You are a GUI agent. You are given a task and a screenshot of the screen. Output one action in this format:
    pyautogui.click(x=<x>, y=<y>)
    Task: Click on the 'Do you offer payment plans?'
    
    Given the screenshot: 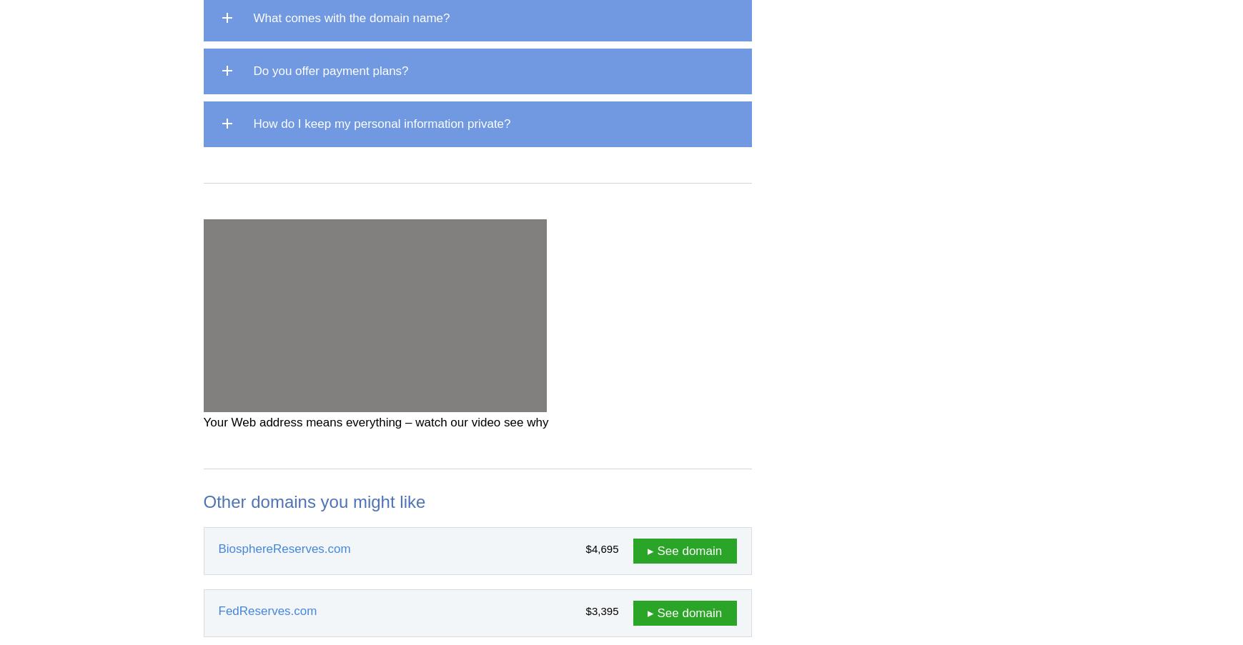 What is the action you would take?
    pyautogui.click(x=330, y=71)
    